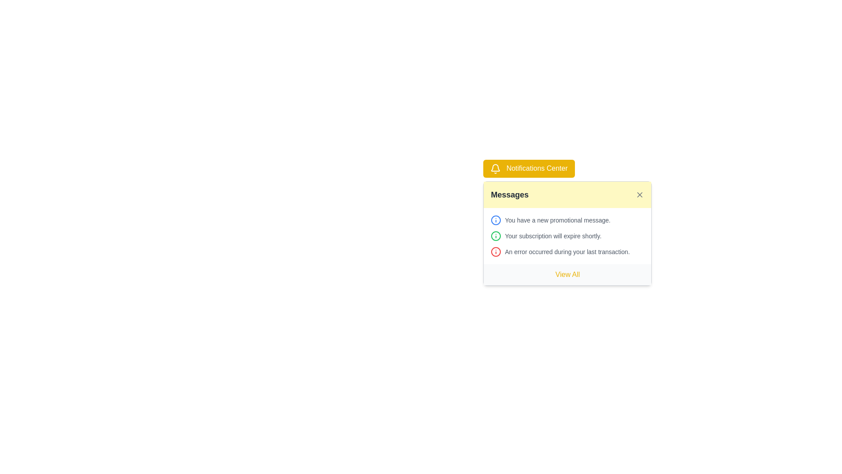 The image size is (842, 474). What do you see at coordinates (496, 235) in the screenshot?
I see `the SVG graphic component (circle) that represents the information icon located at the top-left of the notification messages area` at bounding box center [496, 235].